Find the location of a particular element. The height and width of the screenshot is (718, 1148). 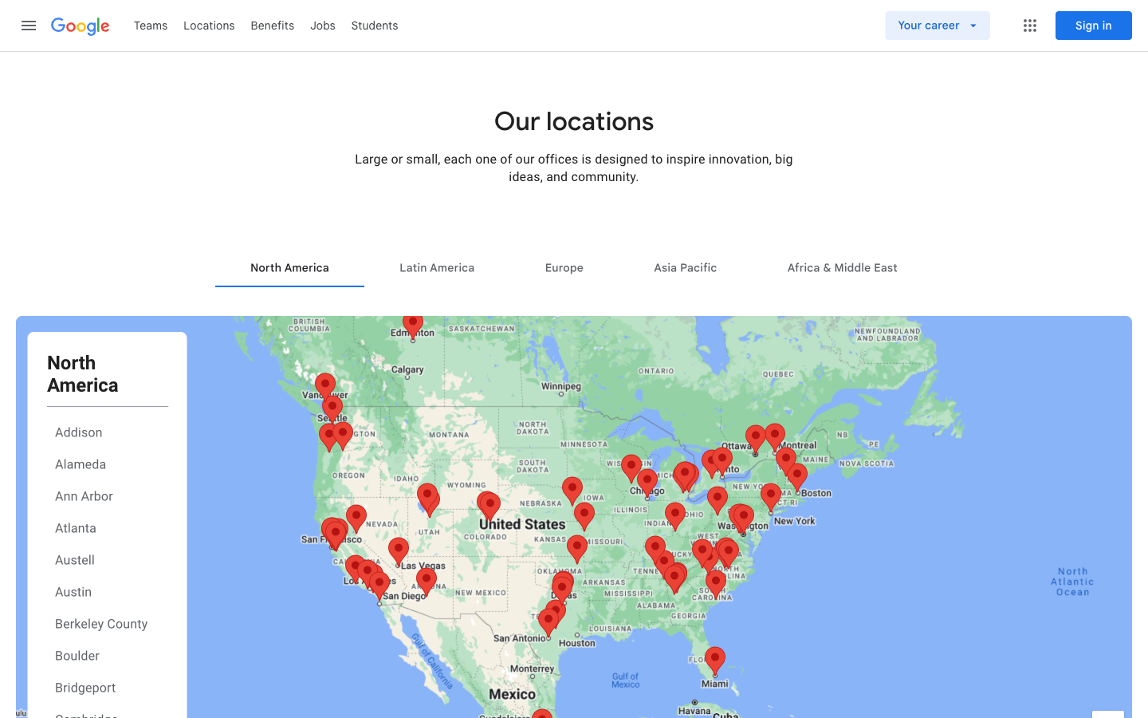

Go to North America Region Jobs is located at coordinates (289, 266).